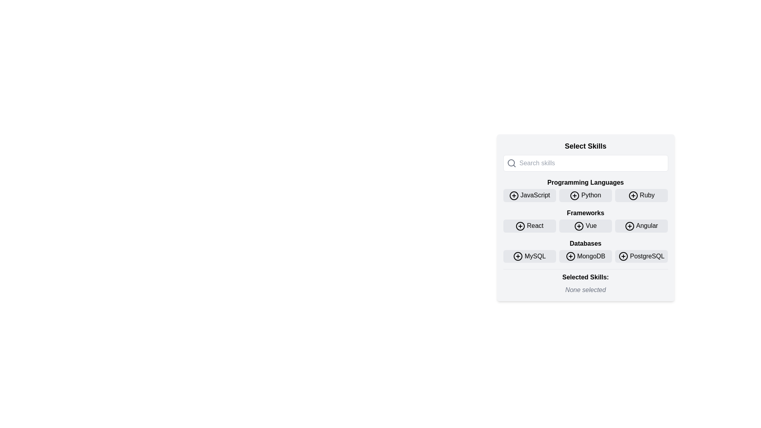 Image resolution: width=761 pixels, height=428 pixels. Describe the element at coordinates (623, 256) in the screenshot. I see `the circular button with a plus sign located next to the 'PostgreSQL' label in the 'Databases' section of the interface` at that location.